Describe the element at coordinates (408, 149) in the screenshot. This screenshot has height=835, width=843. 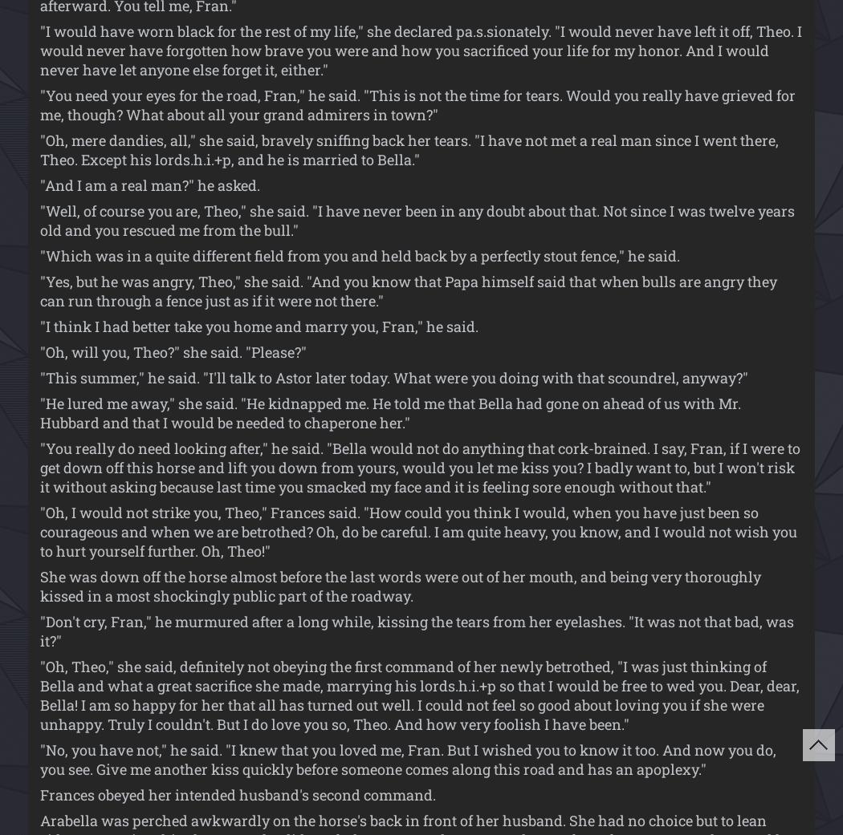
I see `'"Oh, mere dandies, all," she said, bravely sniffing back her tears. "I have not met a real man since I went there, Theo. Except his lords.h.i.+p, and he is married to Bella."'` at that location.